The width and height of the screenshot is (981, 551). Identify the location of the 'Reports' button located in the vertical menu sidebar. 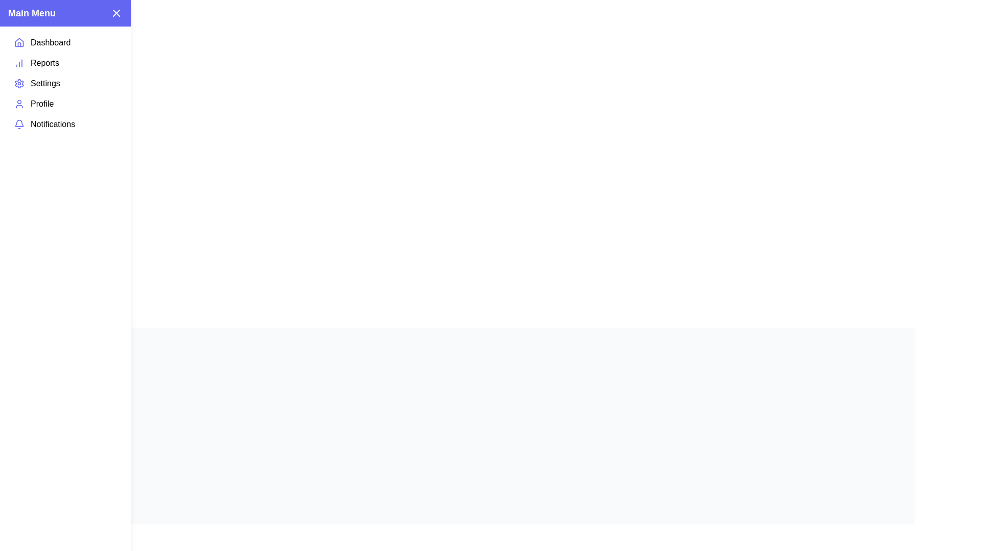
(65, 63).